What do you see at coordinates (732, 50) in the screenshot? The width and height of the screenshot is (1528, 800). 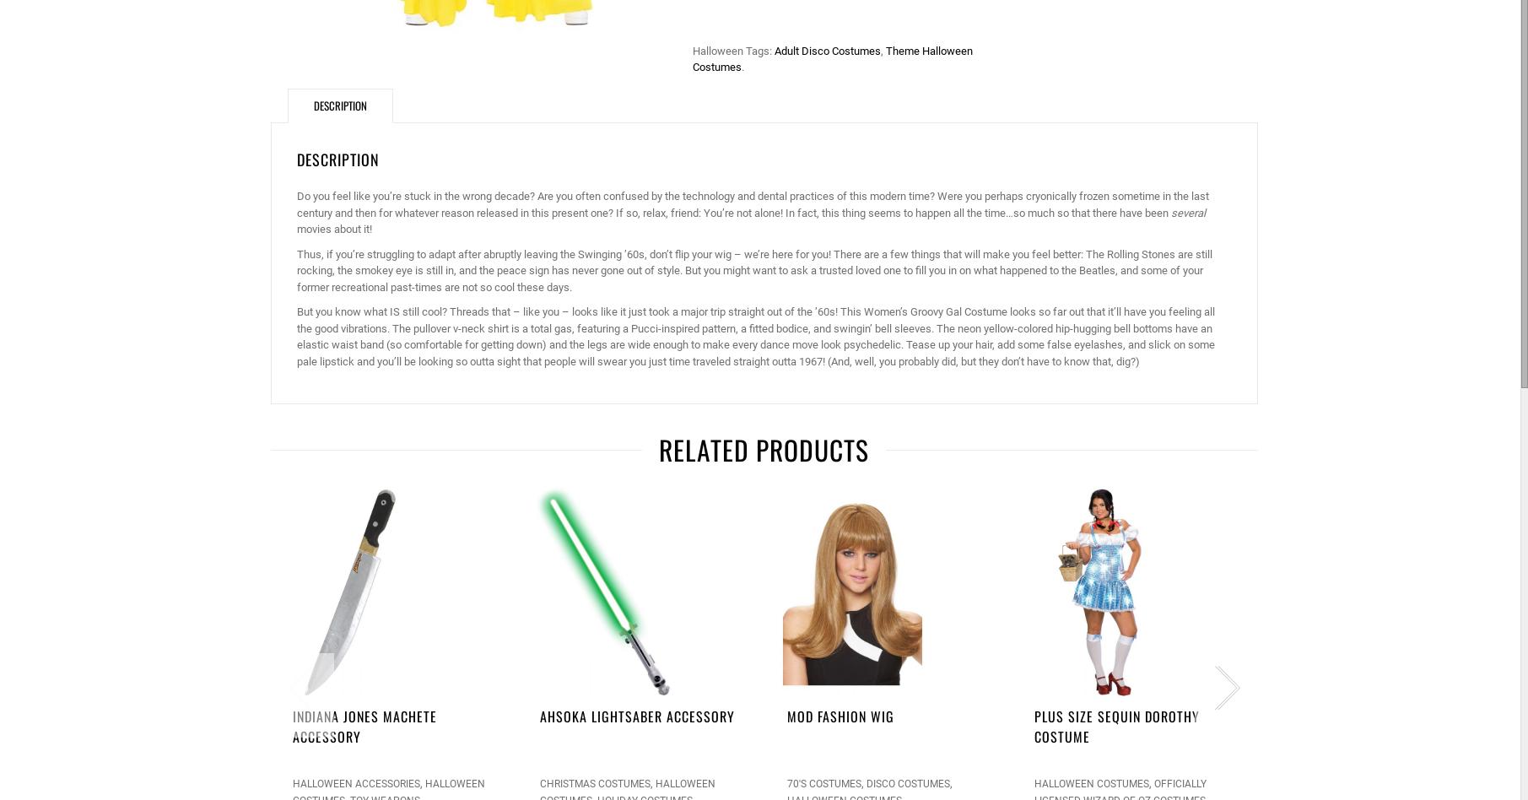 I see `'Halloween Tags:'` at bounding box center [732, 50].